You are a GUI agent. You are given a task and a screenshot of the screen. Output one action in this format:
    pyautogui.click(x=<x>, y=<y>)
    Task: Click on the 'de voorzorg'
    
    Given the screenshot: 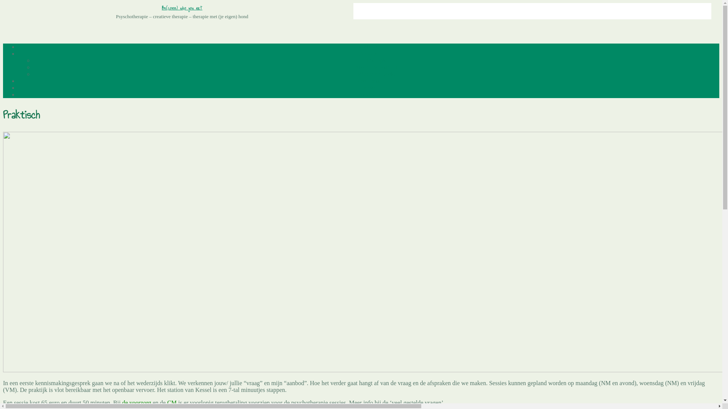 What is the action you would take?
    pyautogui.click(x=136, y=402)
    